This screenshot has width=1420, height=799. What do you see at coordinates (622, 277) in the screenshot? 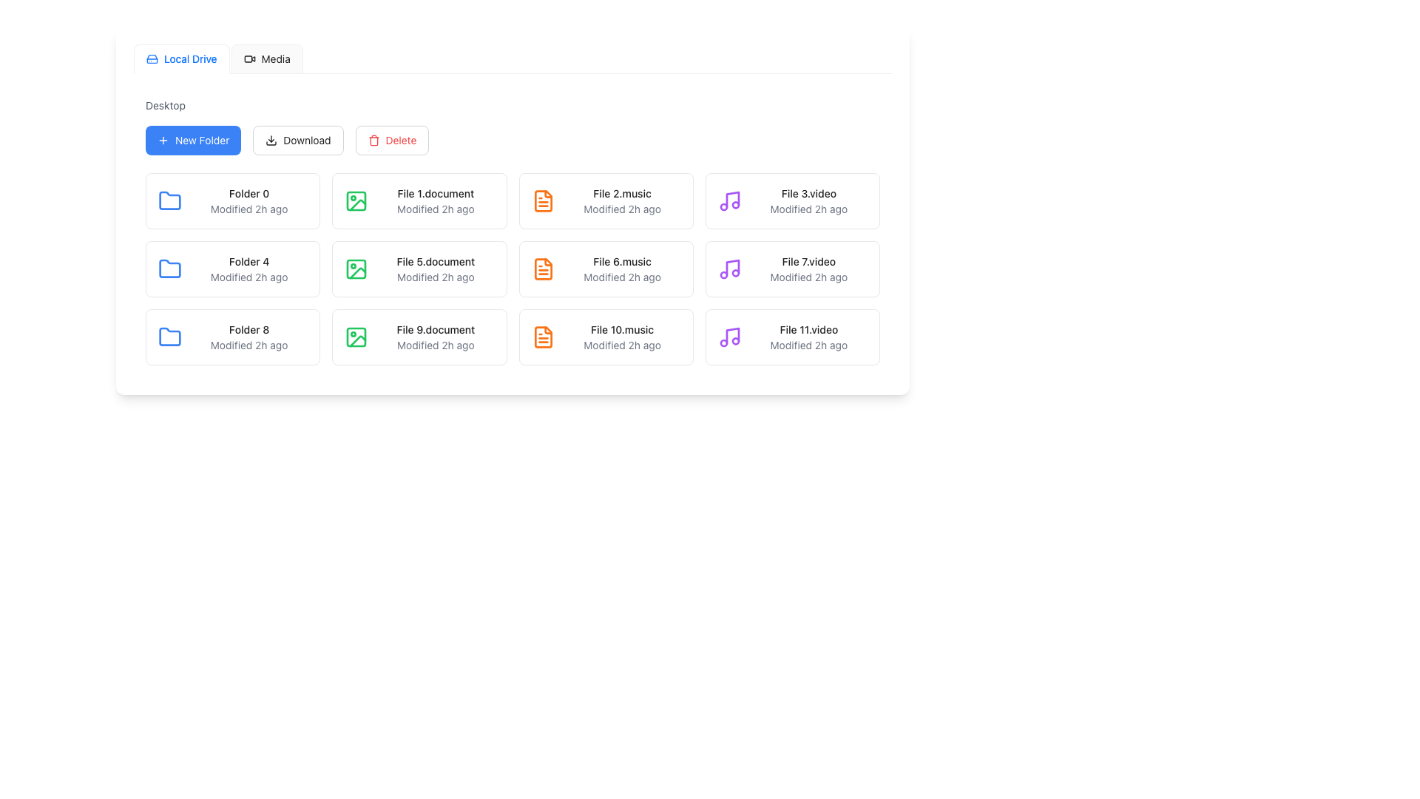
I see `the text label displaying the last modification time of 'File 6.music', located below the title in the second row of the right column` at bounding box center [622, 277].